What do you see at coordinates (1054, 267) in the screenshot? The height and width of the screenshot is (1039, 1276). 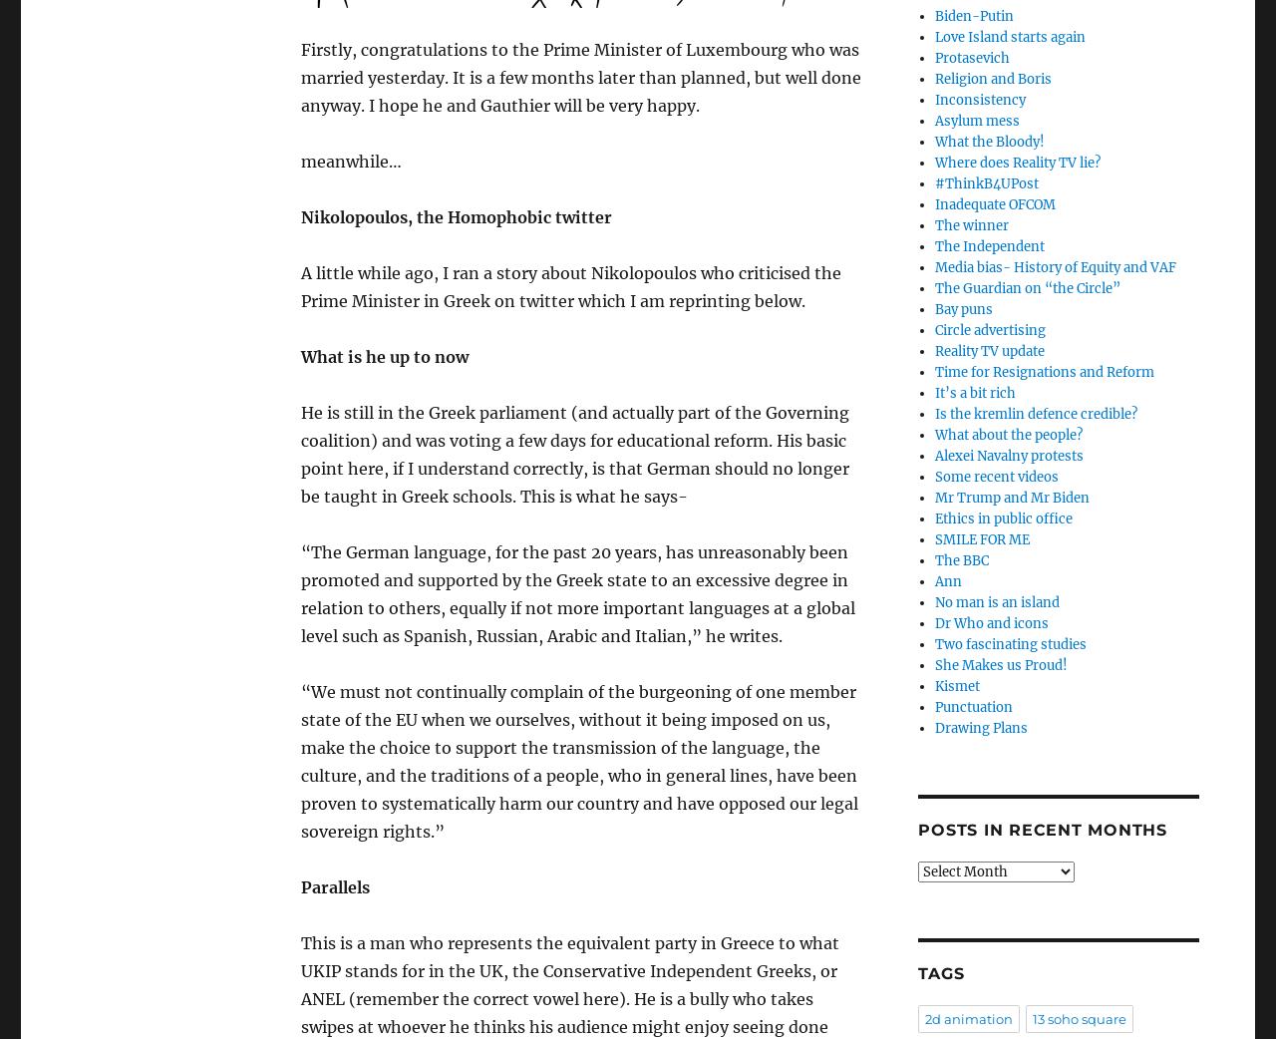 I see `'Media bias- History of Equity and VAF'` at bounding box center [1054, 267].